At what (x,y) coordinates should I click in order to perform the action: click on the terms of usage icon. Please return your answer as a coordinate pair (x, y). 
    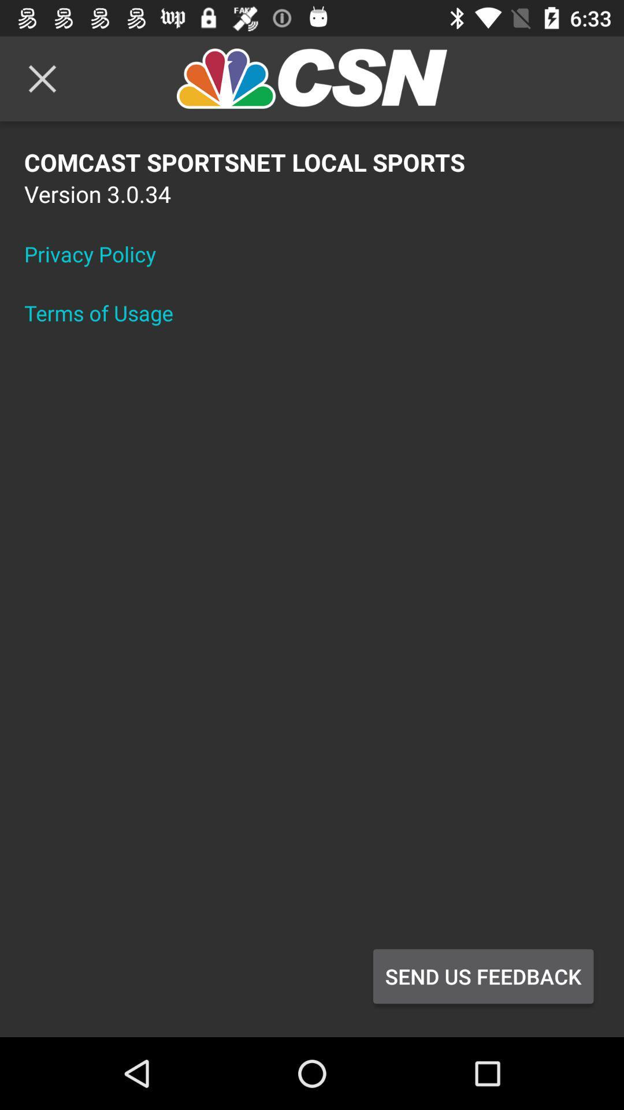
    Looking at the image, I should click on (106, 313).